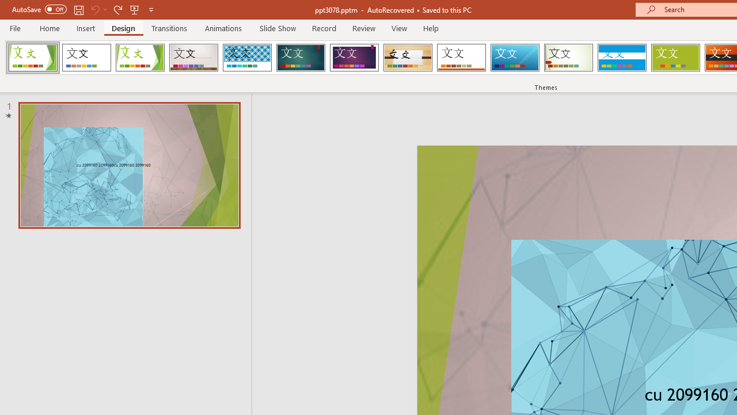 This screenshot has height=415, width=737. What do you see at coordinates (461, 58) in the screenshot?
I see `'Retrospect Loading Preview...'` at bounding box center [461, 58].